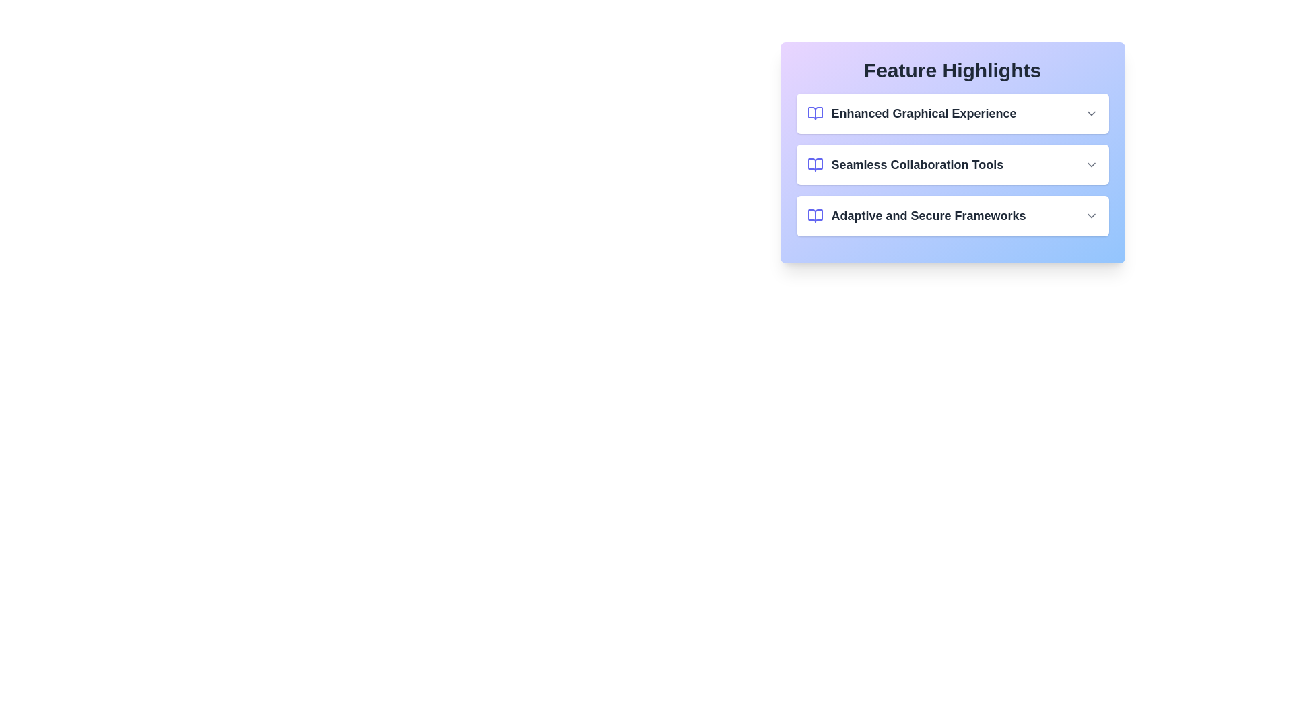 This screenshot has height=727, width=1293. What do you see at coordinates (923, 113) in the screenshot?
I see `the text label displaying 'Enhanced Graphical Experience' which is styled in bold, large gray font and is the first item in the 'Feature Highlights' section` at bounding box center [923, 113].